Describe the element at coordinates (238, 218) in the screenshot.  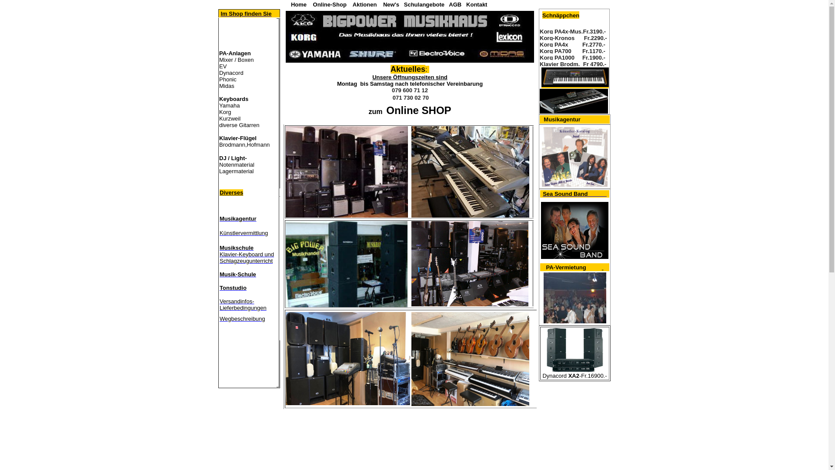
I see `'Musikagentur'` at that location.